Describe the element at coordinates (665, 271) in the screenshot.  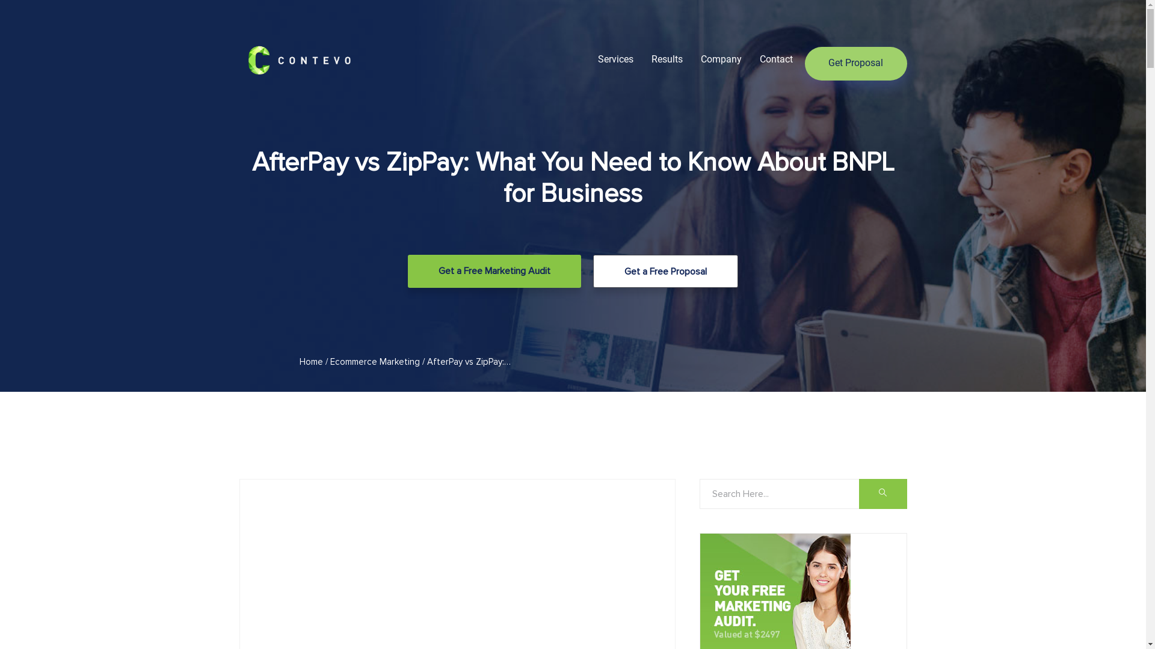
I see `'Get a Free Proposal'` at that location.